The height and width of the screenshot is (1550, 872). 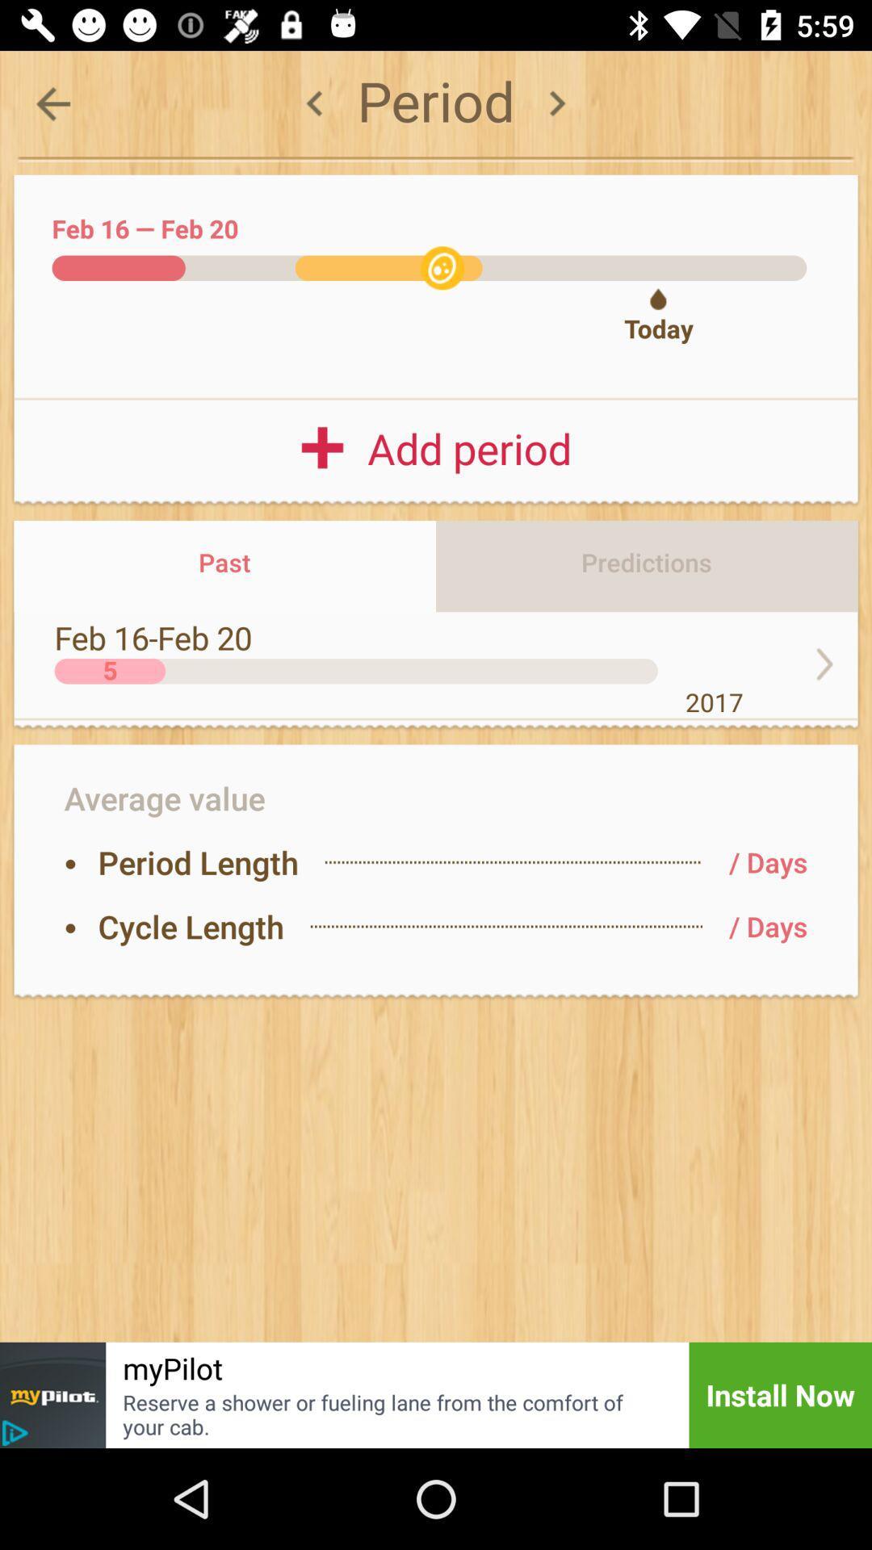 What do you see at coordinates (52, 103) in the screenshot?
I see `the arrow_backward icon` at bounding box center [52, 103].